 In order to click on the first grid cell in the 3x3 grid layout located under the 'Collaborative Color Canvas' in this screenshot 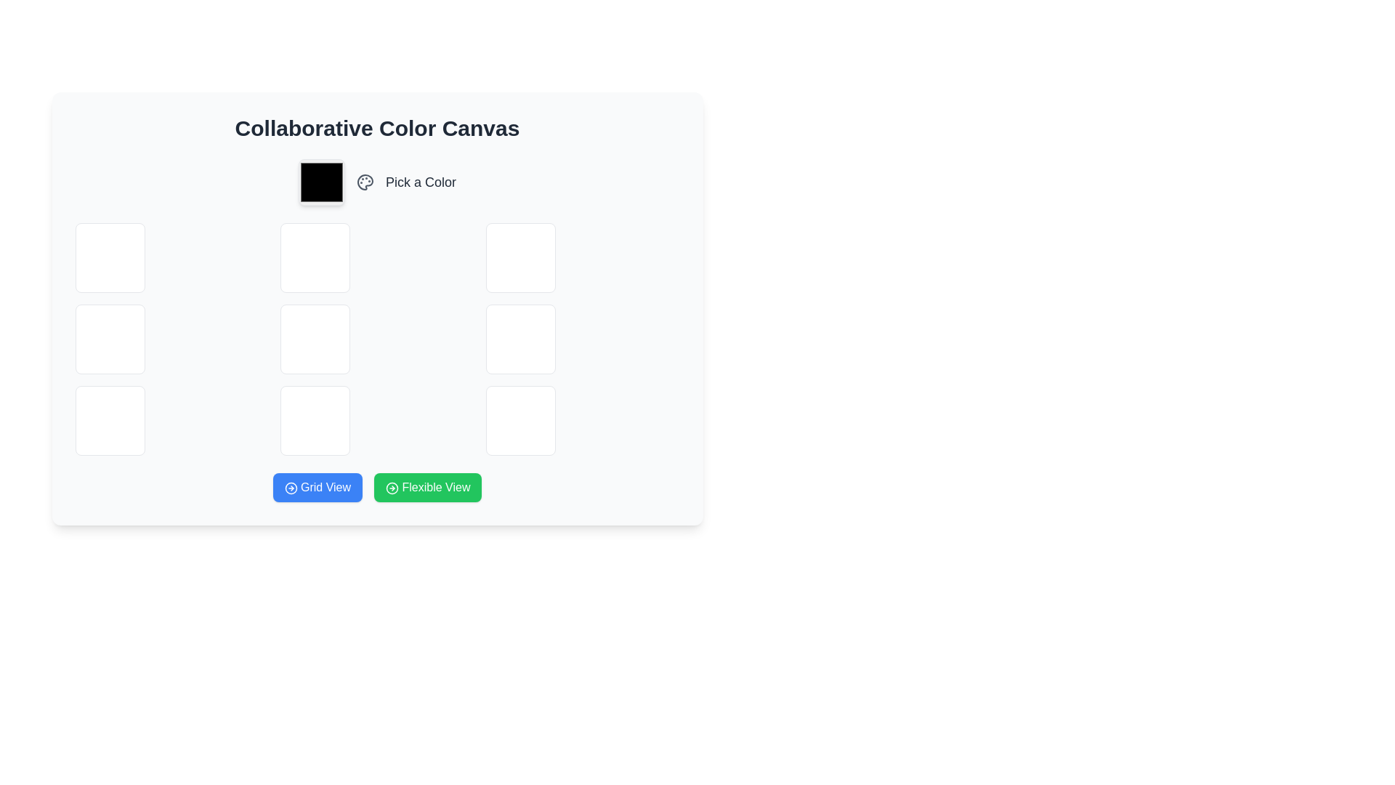, I will do `click(109, 257)`.